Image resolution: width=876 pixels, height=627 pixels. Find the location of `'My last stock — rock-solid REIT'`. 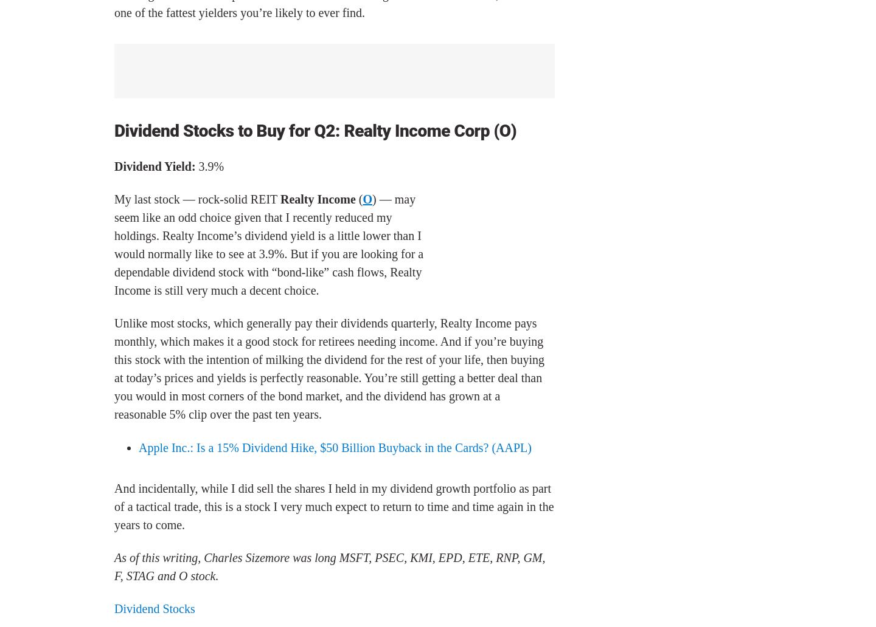

'My last stock — rock-solid REIT' is located at coordinates (197, 199).